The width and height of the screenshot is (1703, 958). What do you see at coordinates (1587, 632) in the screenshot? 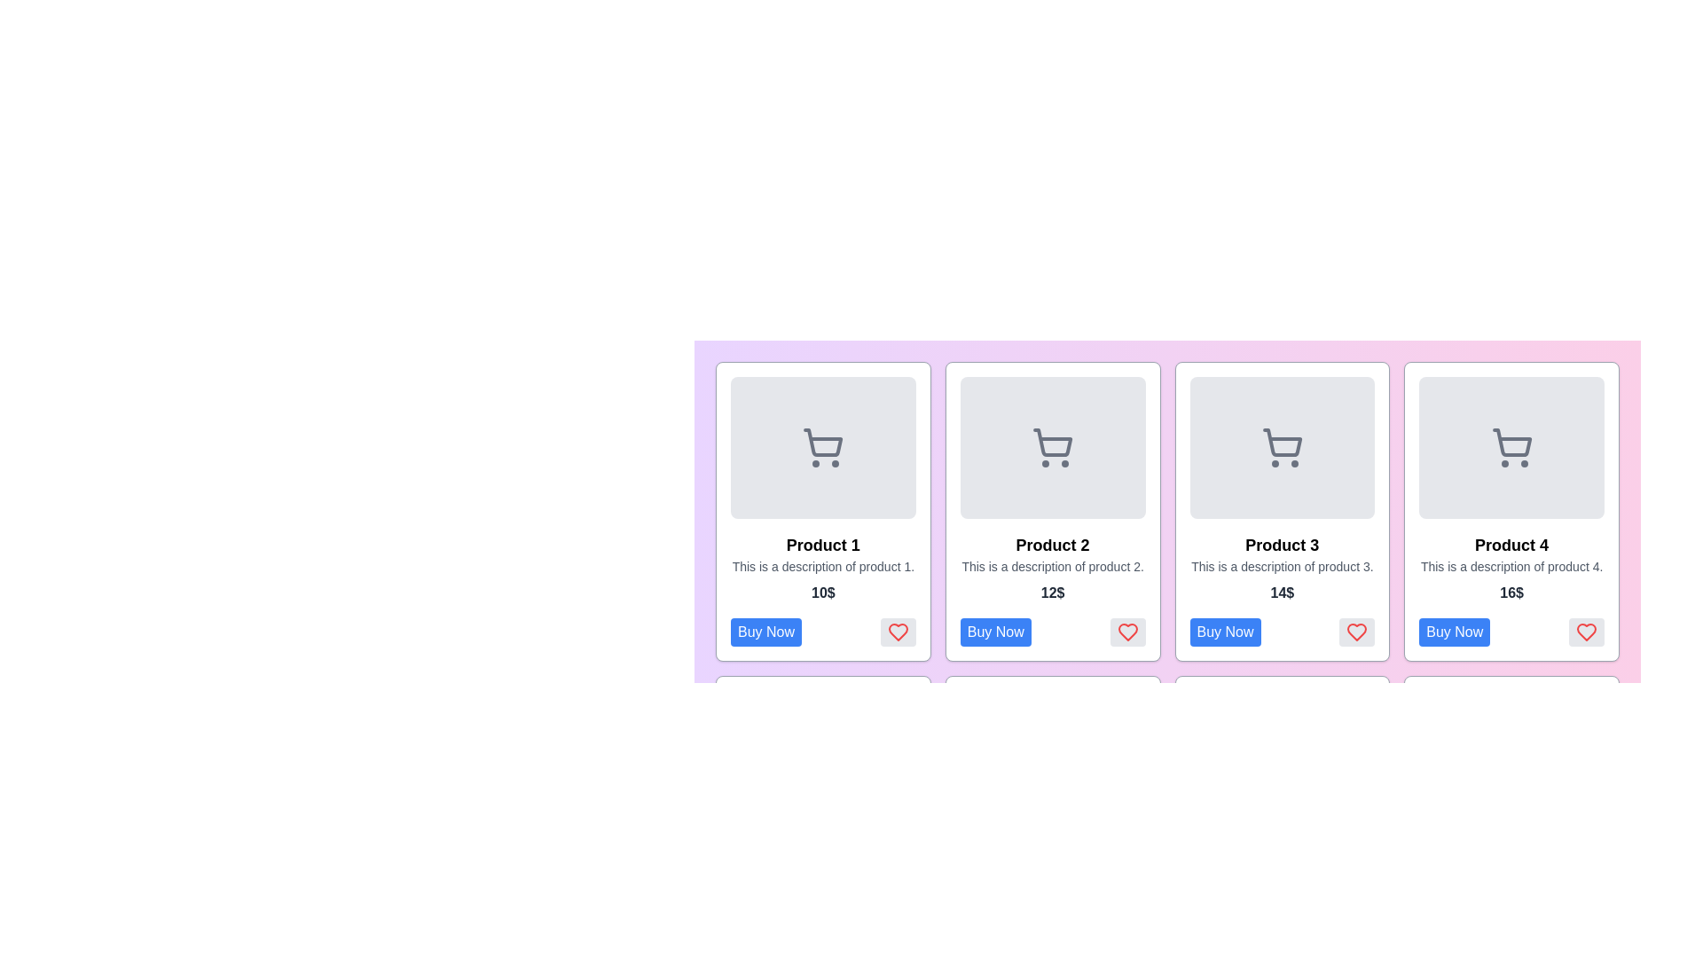
I see `the heart icon button in the bottom-right section of the fourth product card` at bounding box center [1587, 632].